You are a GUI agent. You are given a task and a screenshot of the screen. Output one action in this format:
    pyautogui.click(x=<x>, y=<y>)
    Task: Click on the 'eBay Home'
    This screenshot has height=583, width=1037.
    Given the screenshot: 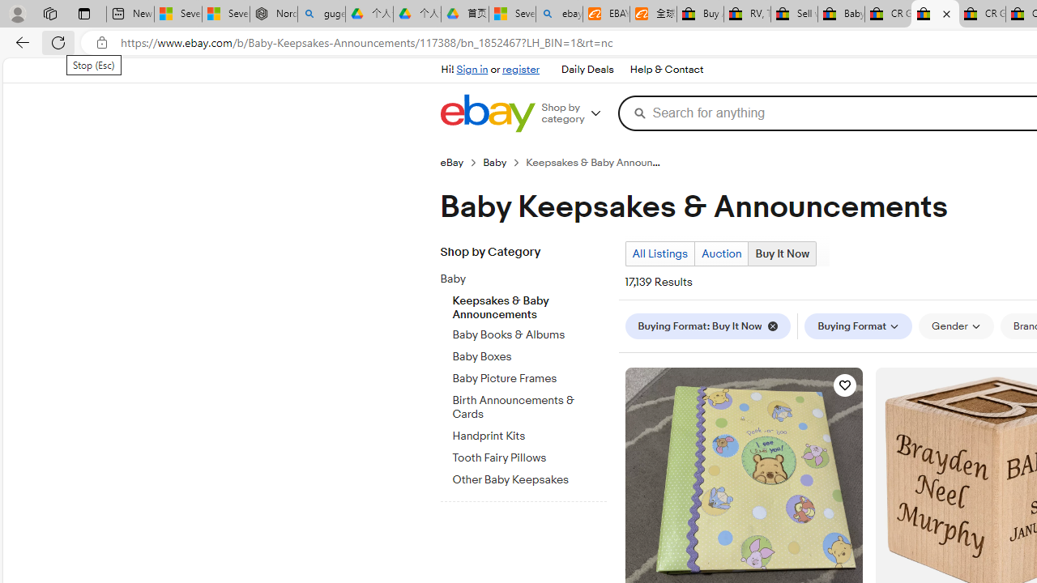 What is the action you would take?
    pyautogui.click(x=486, y=113)
    